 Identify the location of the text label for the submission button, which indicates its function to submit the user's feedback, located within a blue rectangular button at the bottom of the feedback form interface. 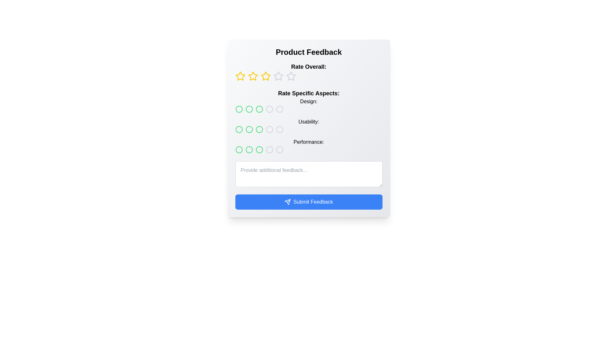
(313, 202).